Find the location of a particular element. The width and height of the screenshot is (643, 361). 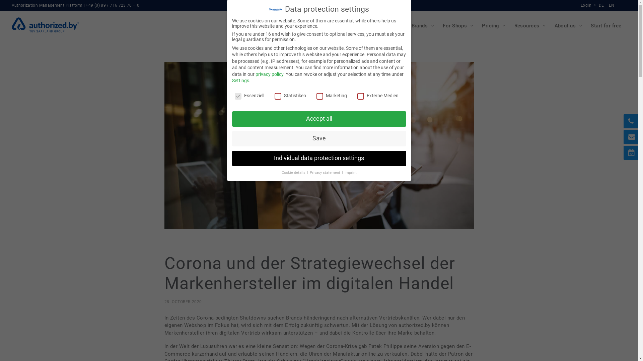

'About us' is located at coordinates (567, 25).